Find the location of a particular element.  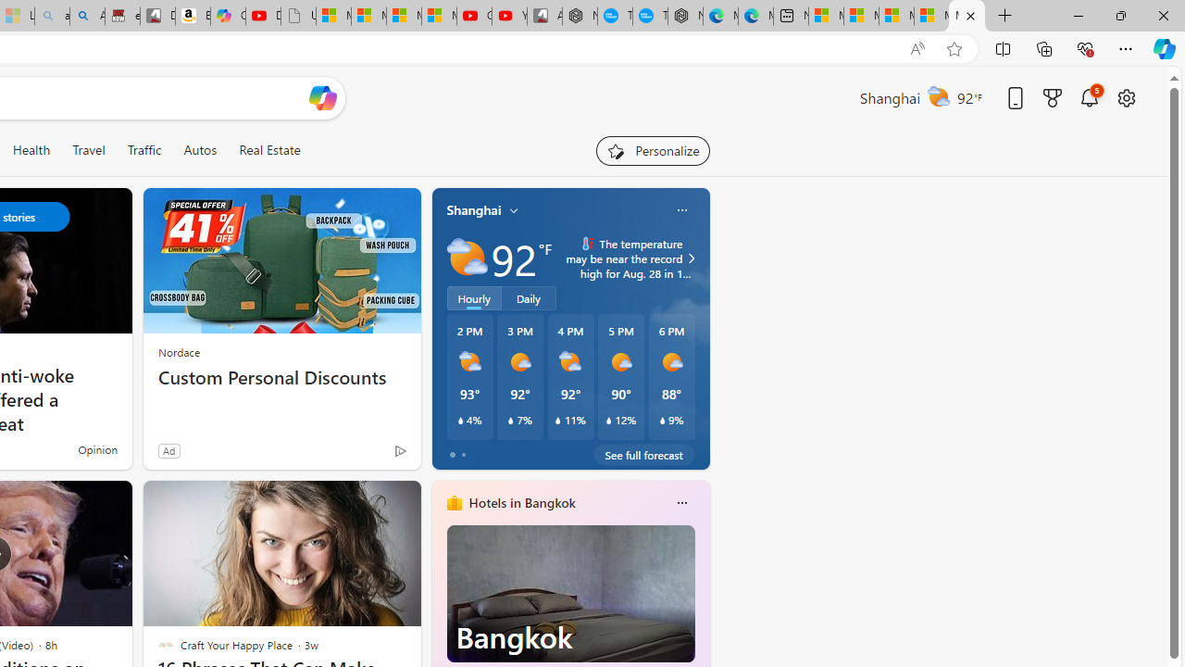

'See full forecast' is located at coordinates (643, 455).